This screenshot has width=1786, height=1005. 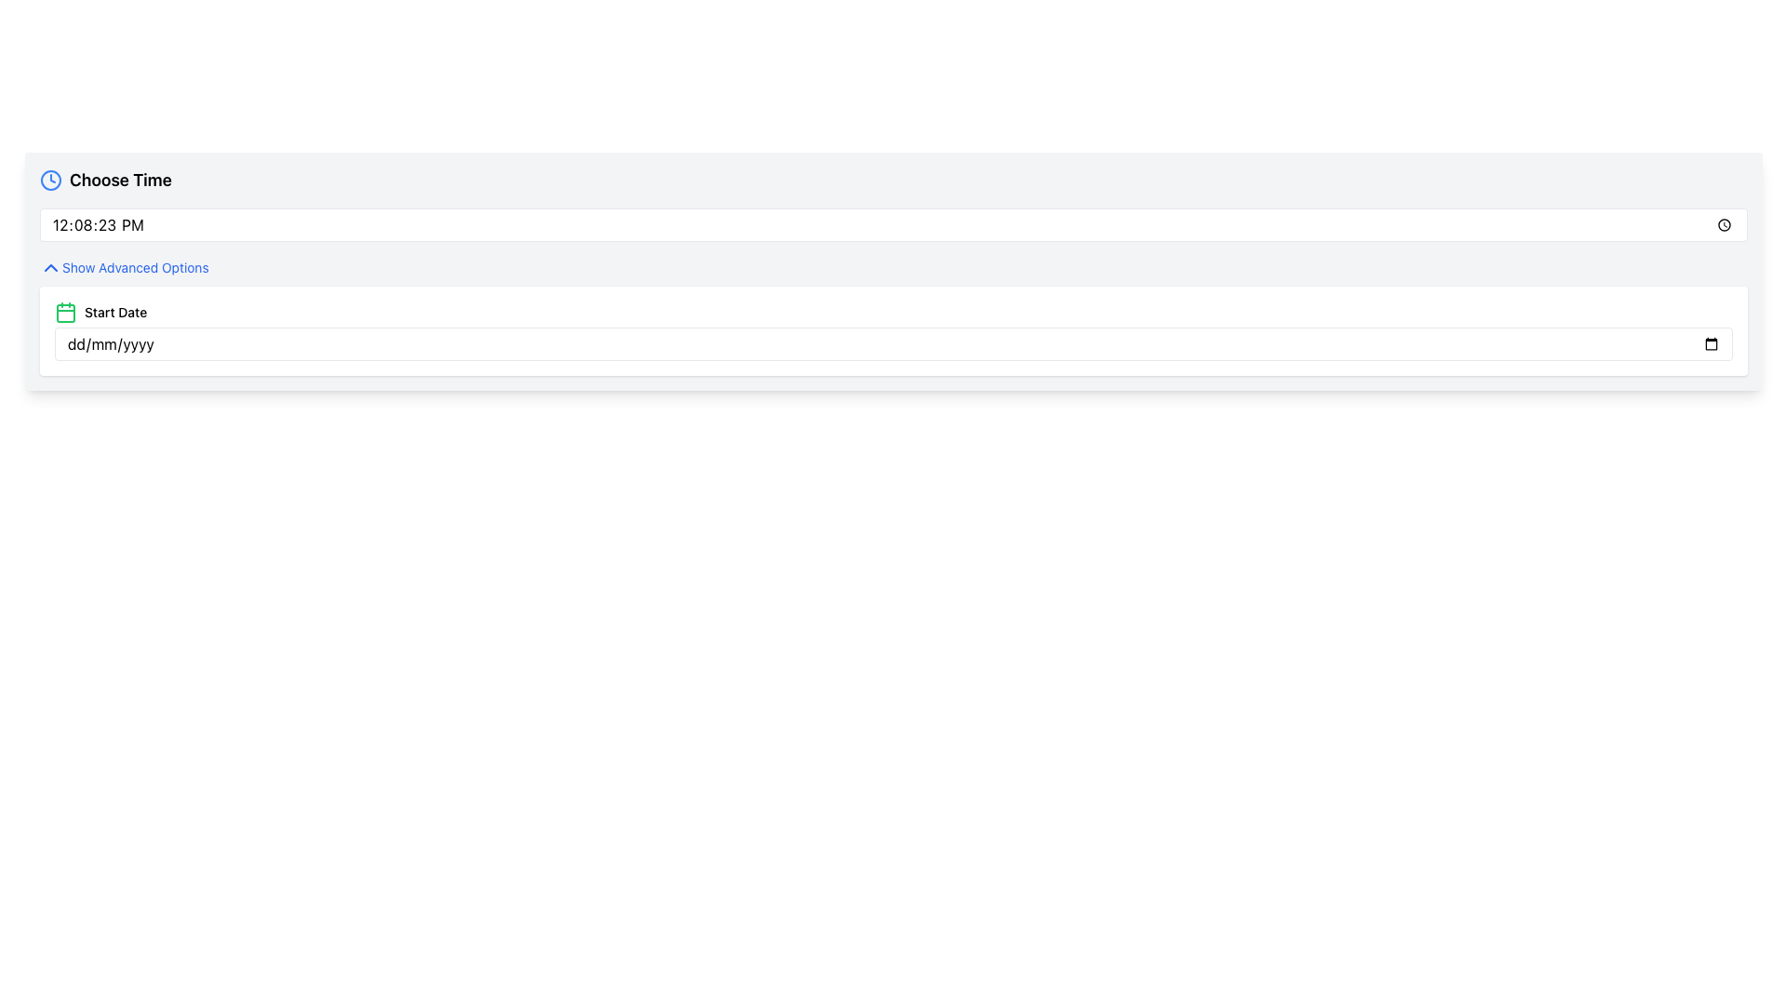 What do you see at coordinates (893, 344) in the screenshot?
I see `the Date input field located in the 'Start Date' section` at bounding box center [893, 344].